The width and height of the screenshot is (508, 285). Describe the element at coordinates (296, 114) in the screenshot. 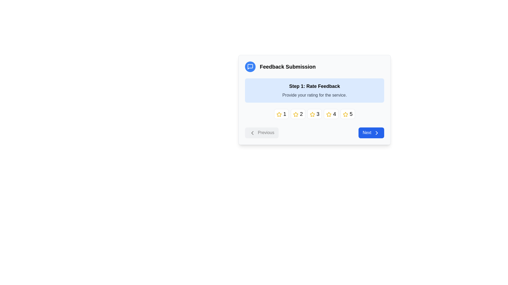

I see `the second star-shaped rating icon with a golden-yellow border located below the 'Step 1: Rate Feedback' heading` at that location.